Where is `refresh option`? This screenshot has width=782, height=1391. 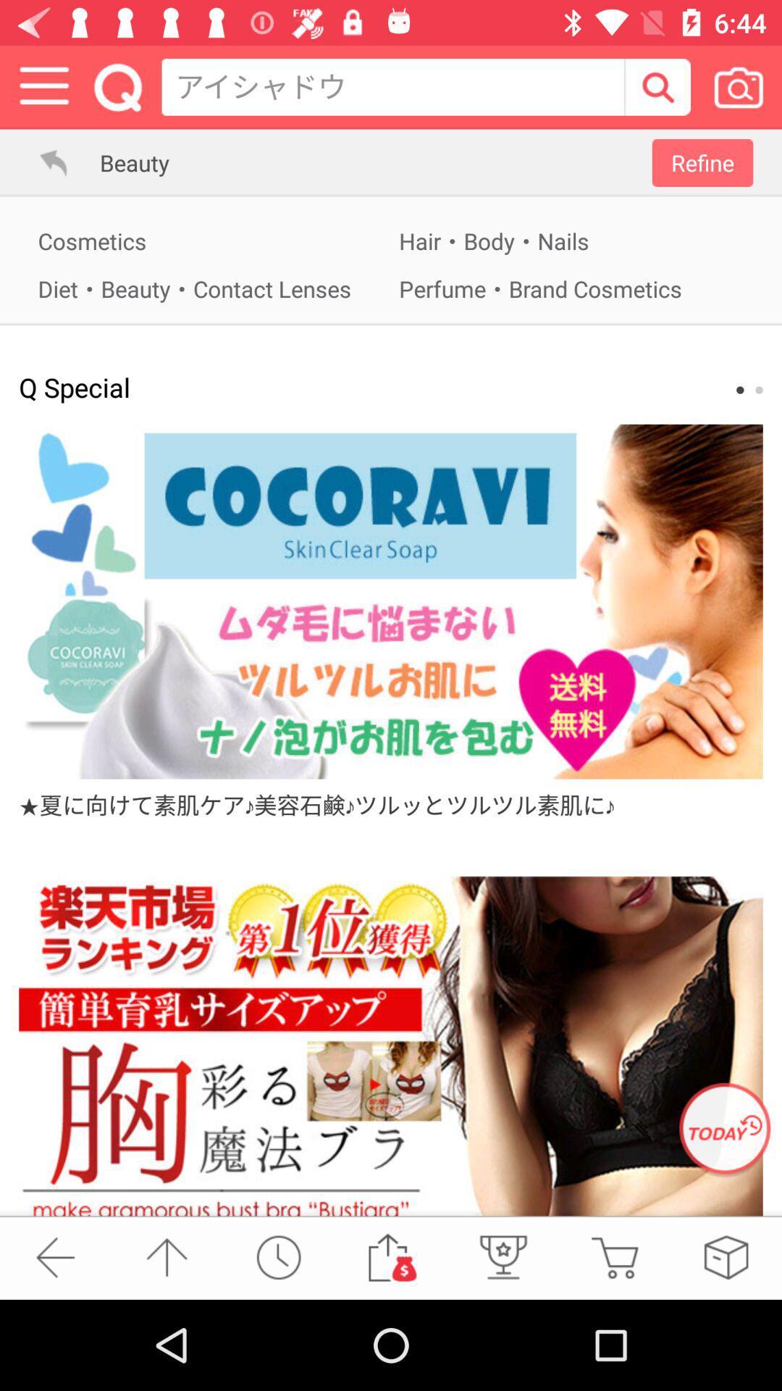 refresh option is located at coordinates (725, 1129).